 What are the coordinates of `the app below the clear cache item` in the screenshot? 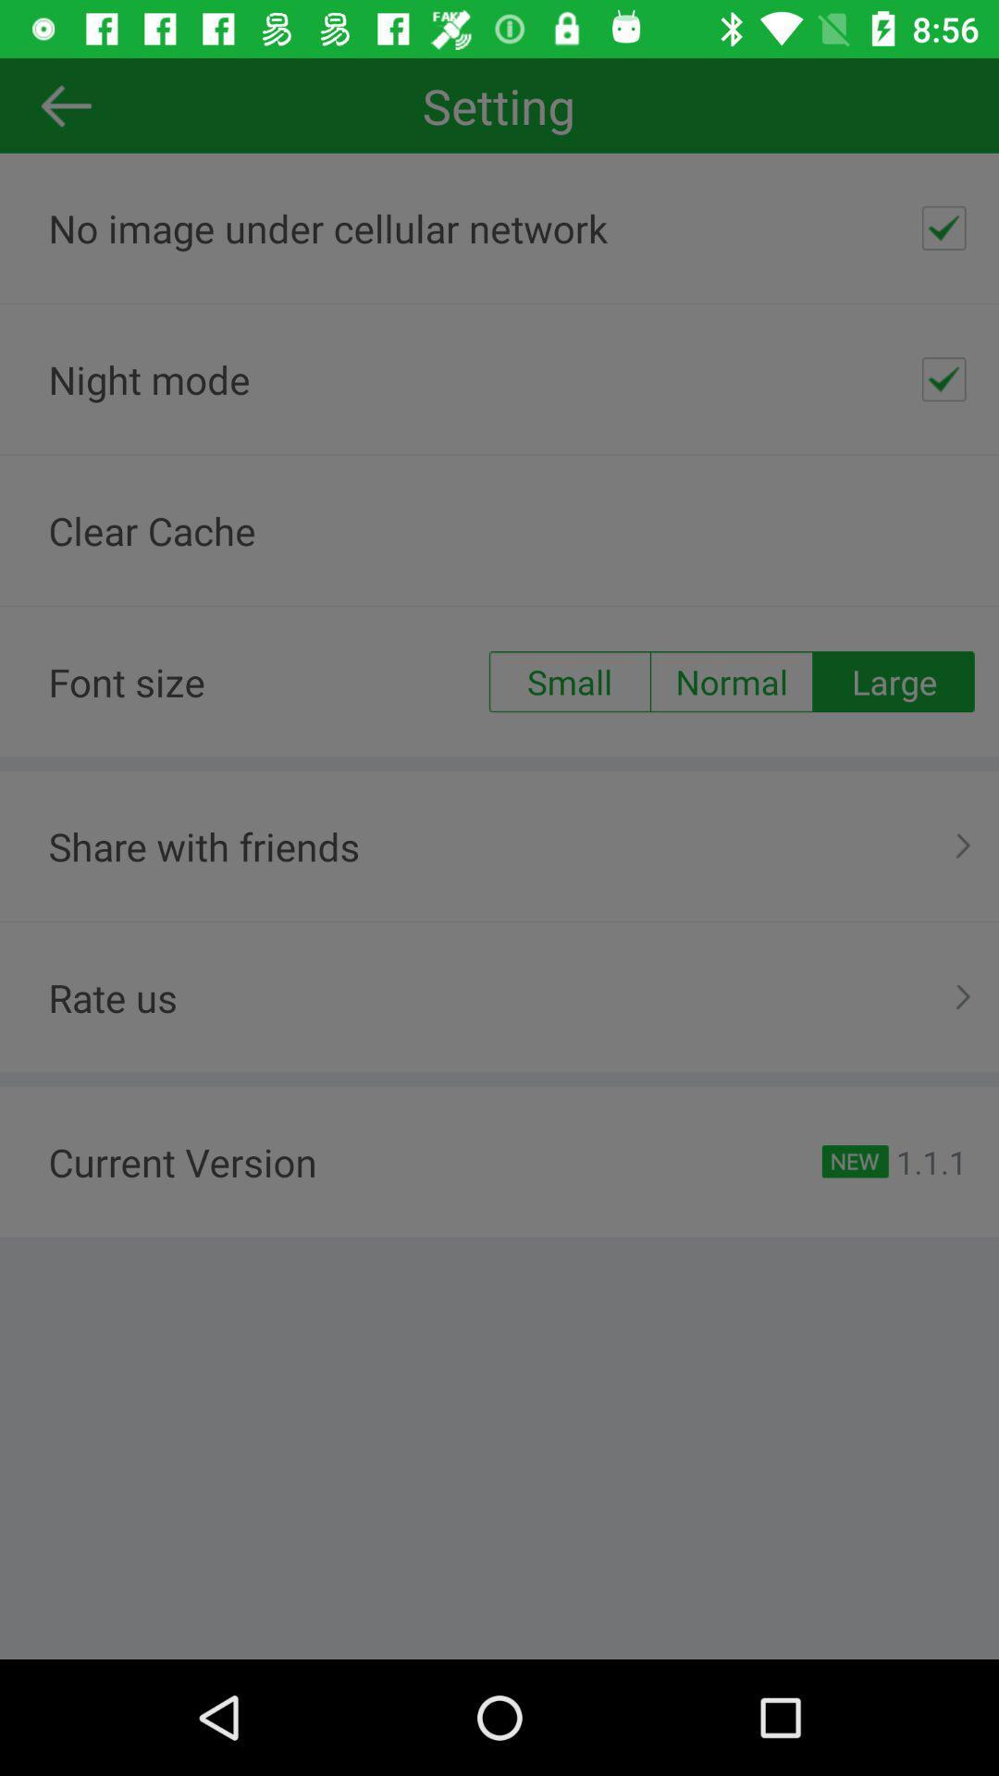 It's located at (731, 681).